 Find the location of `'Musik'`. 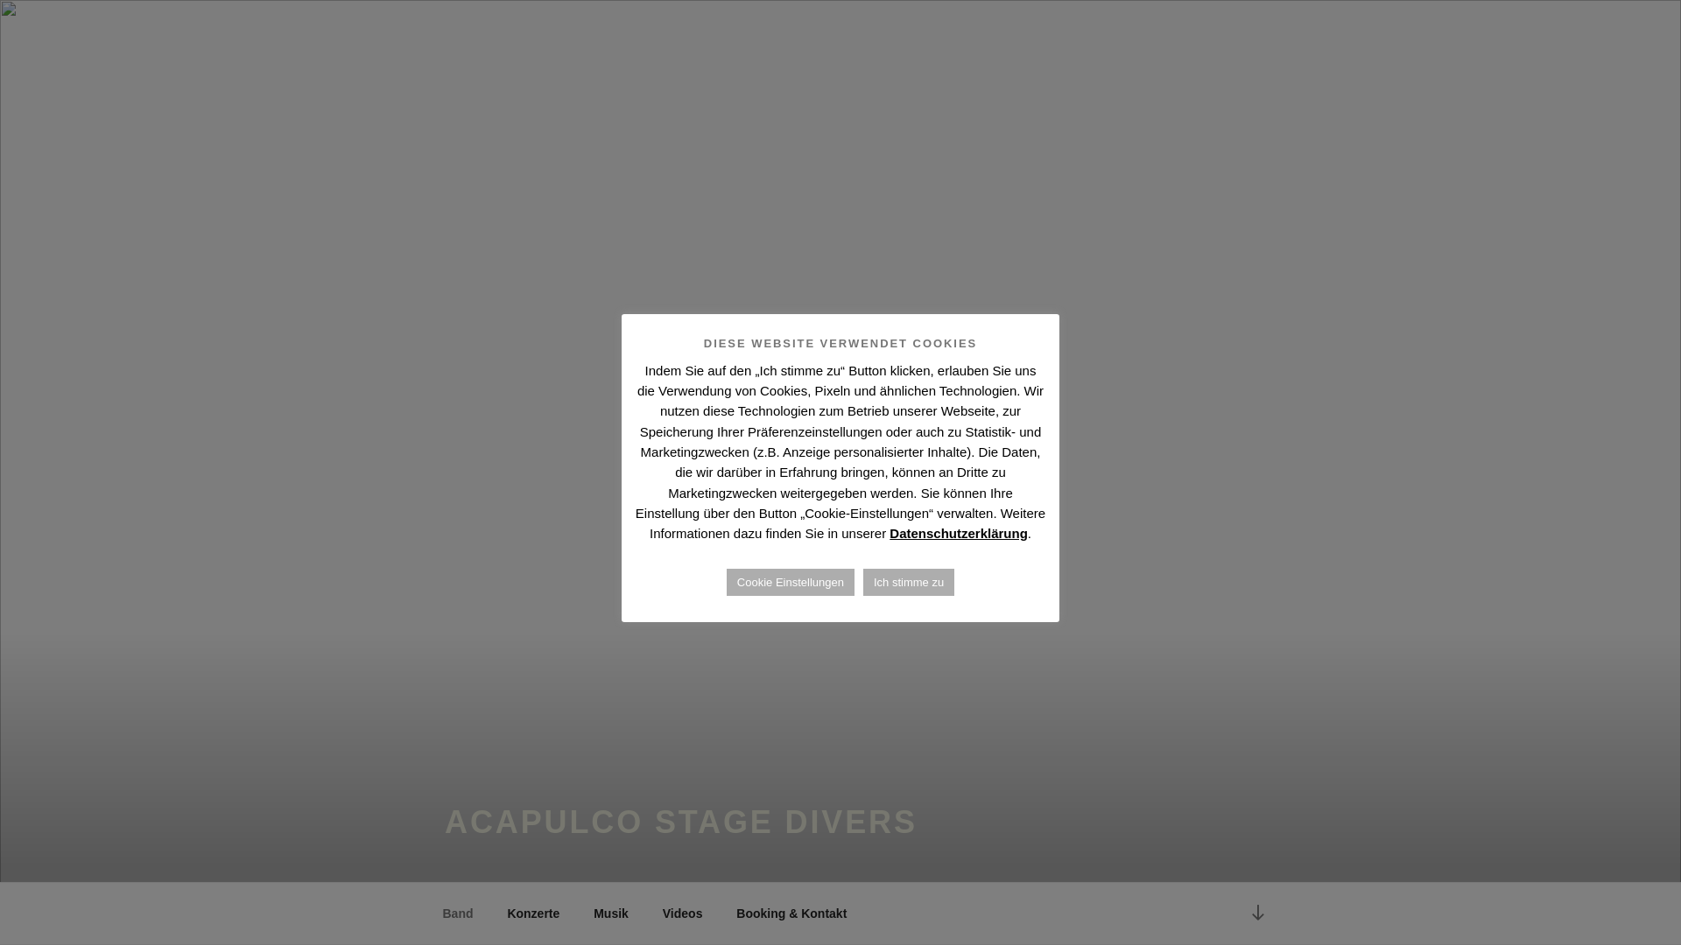

'Musik' is located at coordinates (579, 913).